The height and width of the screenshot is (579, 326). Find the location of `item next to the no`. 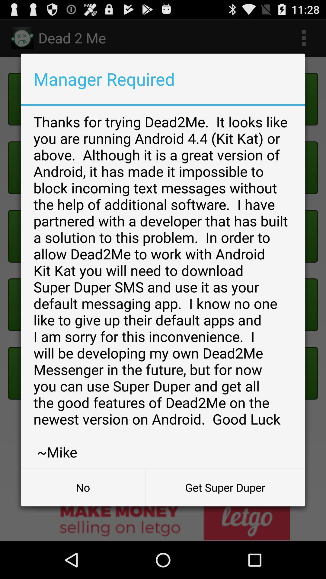

item next to the no is located at coordinates (225, 487).